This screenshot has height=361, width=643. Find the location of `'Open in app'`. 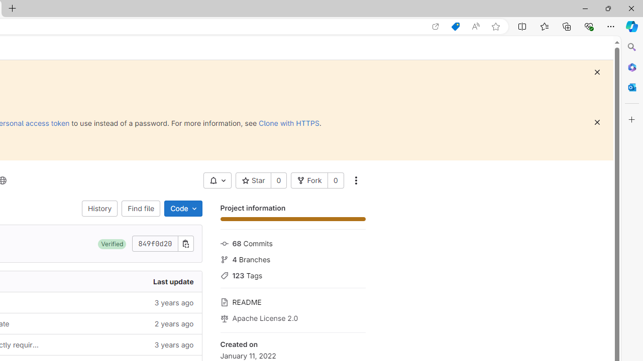

'Open in app' is located at coordinates (436, 26).